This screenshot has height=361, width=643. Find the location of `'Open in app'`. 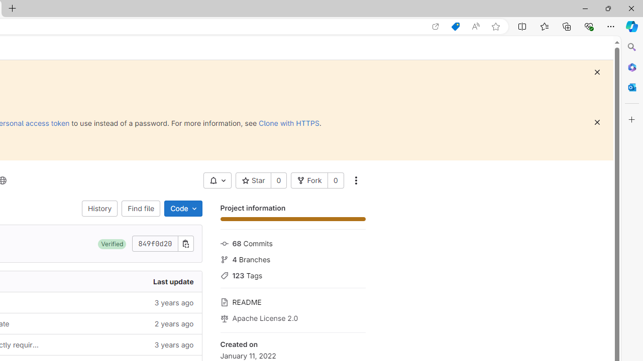

'Open in app' is located at coordinates (436, 26).